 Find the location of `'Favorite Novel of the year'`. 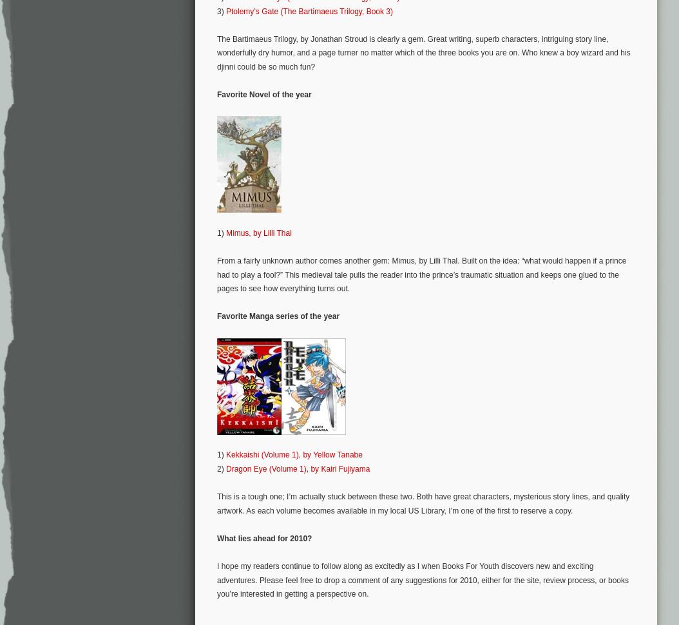

'Favorite Novel of the year' is located at coordinates (263, 94).